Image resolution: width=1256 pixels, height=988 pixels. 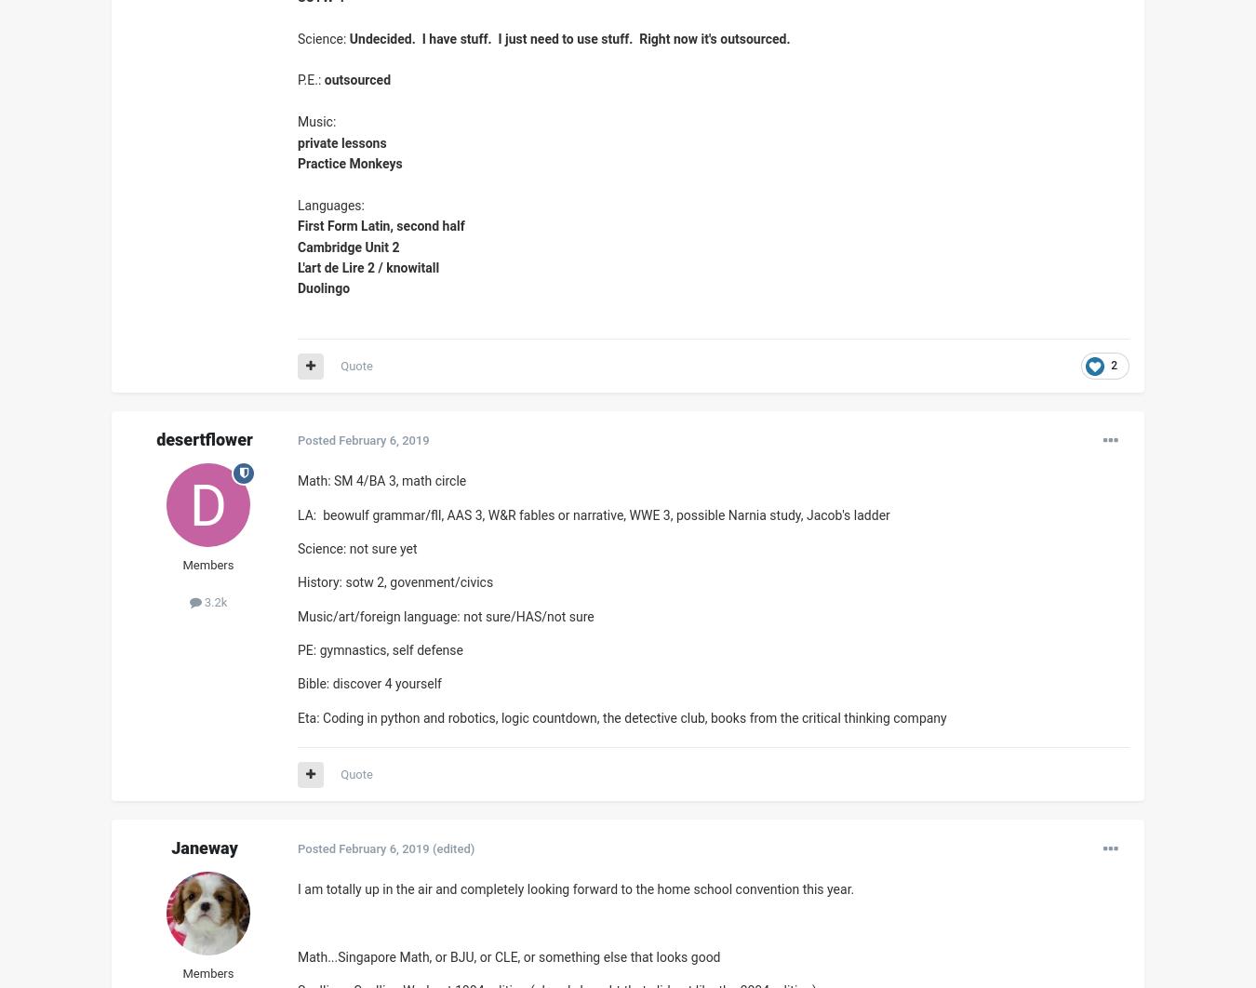 What do you see at coordinates (296, 955) in the screenshot?
I see `'Math...Singapore Math, or BJU, or CLE, or something else that looks good'` at bounding box center [296, 955].